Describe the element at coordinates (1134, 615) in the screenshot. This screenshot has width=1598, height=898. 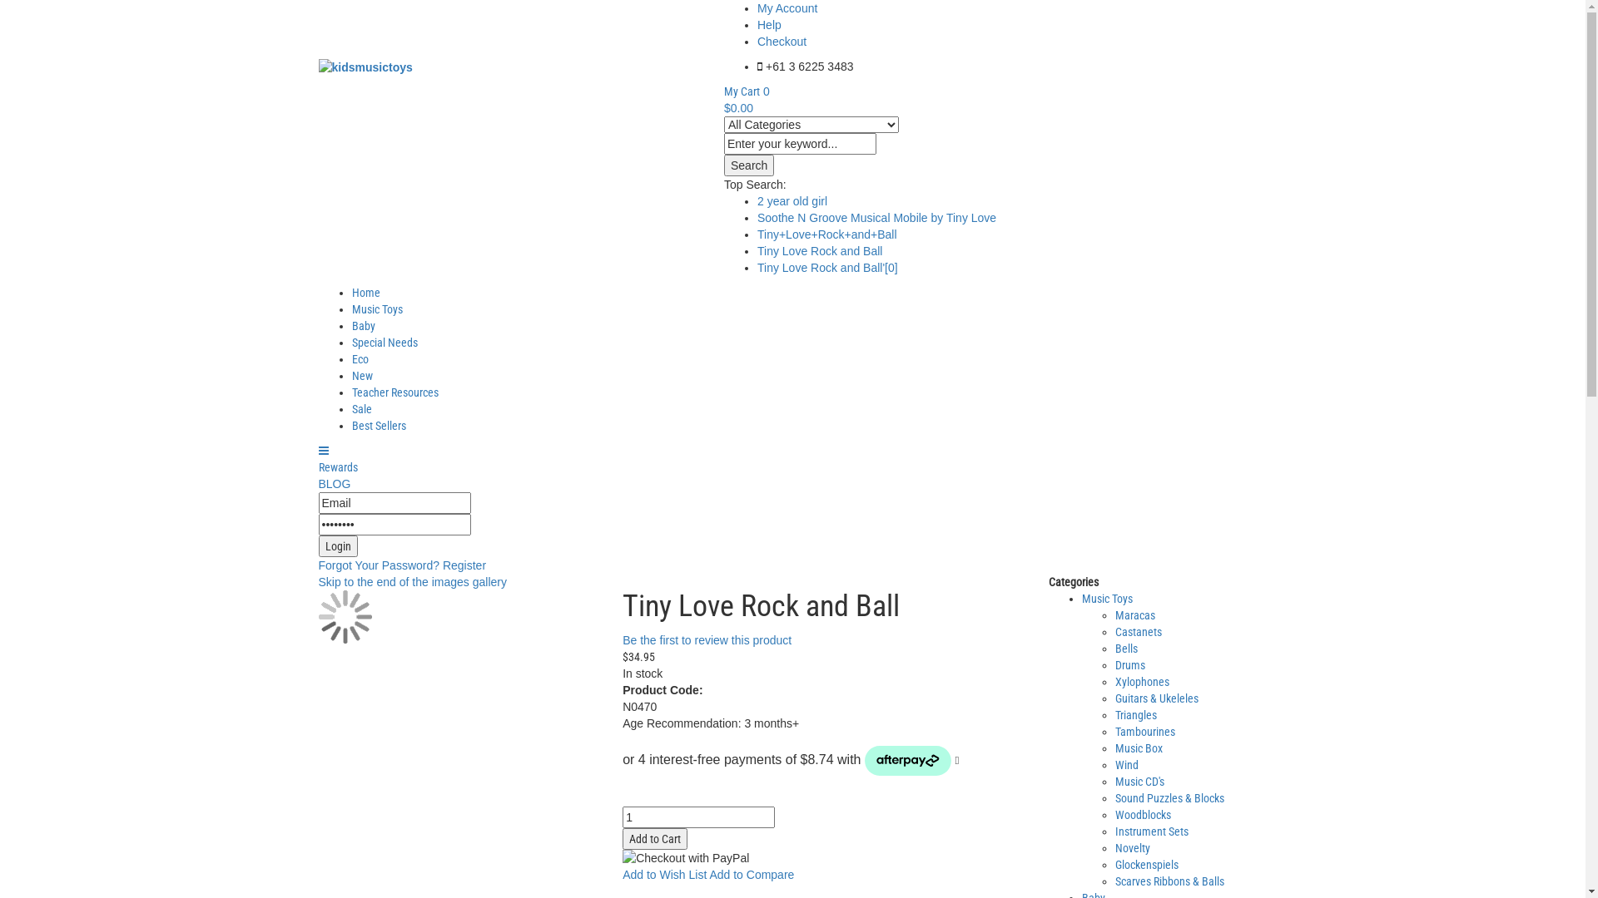
I see `'Maracas'` at that location.